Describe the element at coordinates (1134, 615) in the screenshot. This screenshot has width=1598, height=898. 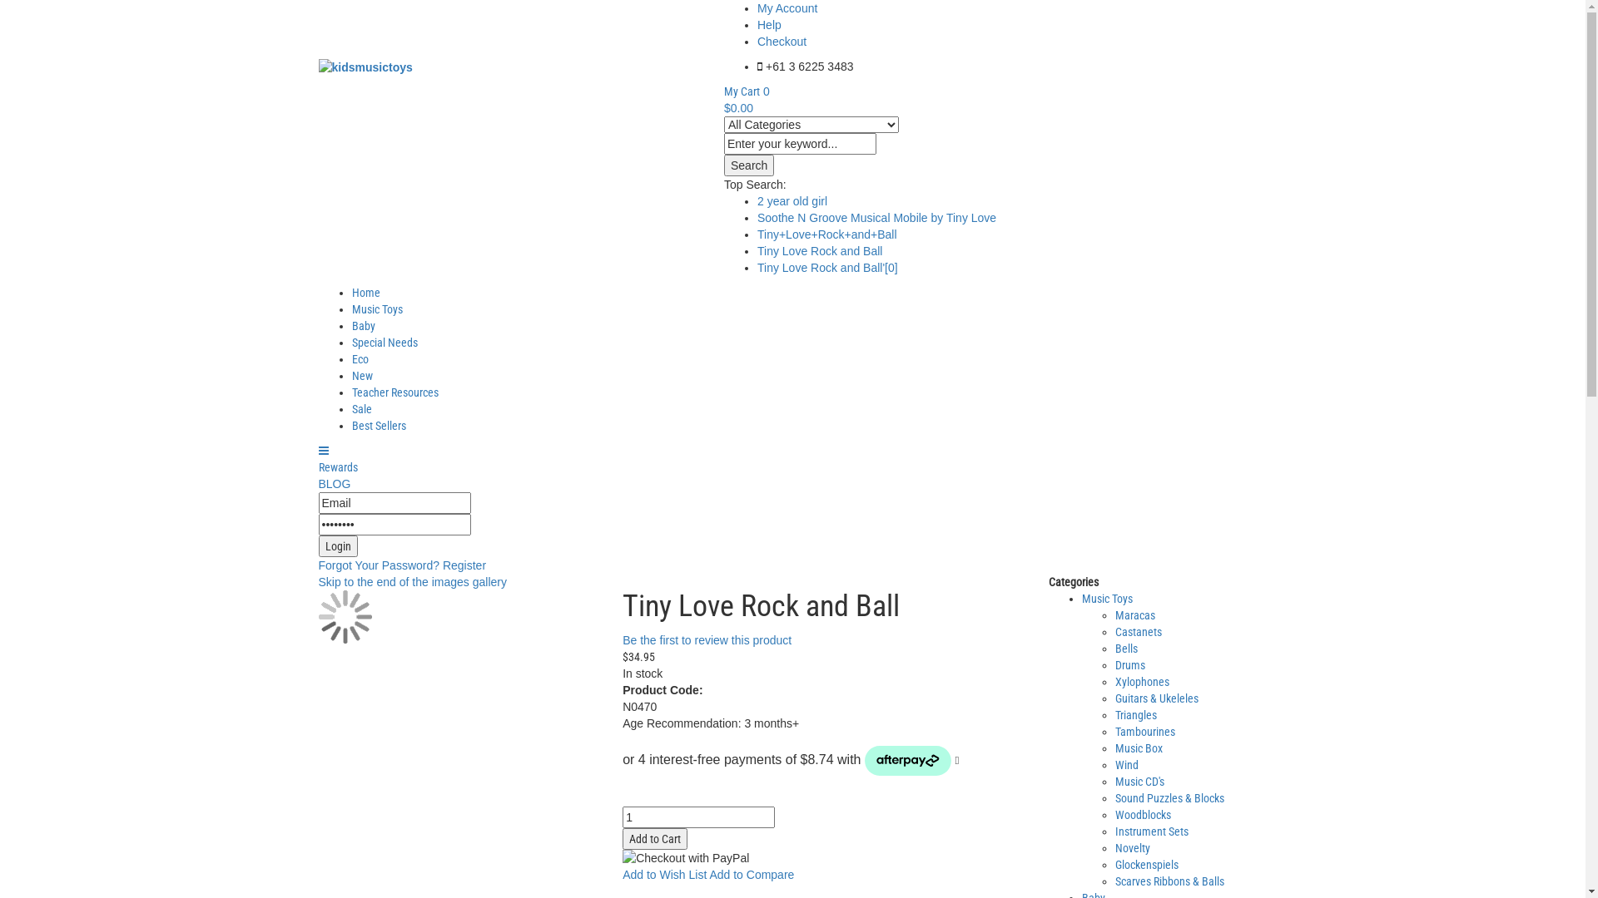
I see `'Maracas'` at that location.